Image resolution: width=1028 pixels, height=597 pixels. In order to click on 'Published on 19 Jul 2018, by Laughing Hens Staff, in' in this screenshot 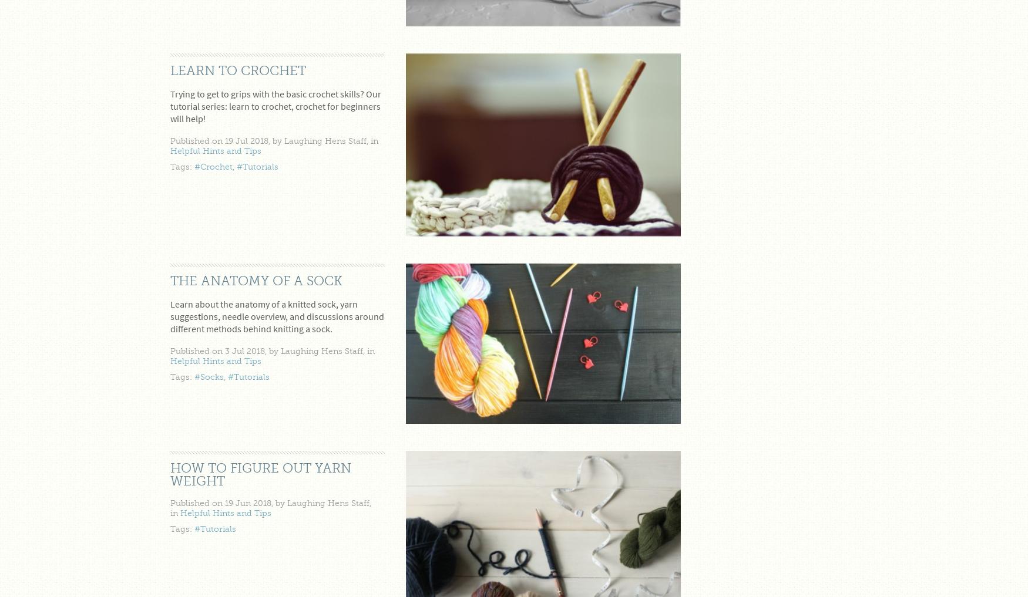, I will do `click(274, 140)`.